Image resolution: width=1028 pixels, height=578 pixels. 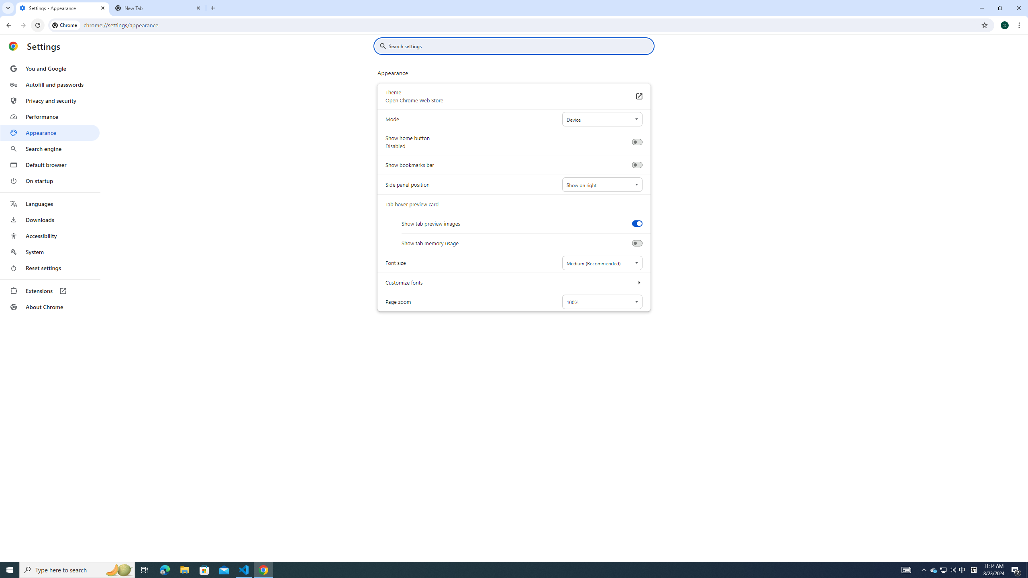 What do you see at coordinates (638, 96) in the screenshot?
I see `'Theme Open Chrome Web Store'` at bounding box center [638, 96].